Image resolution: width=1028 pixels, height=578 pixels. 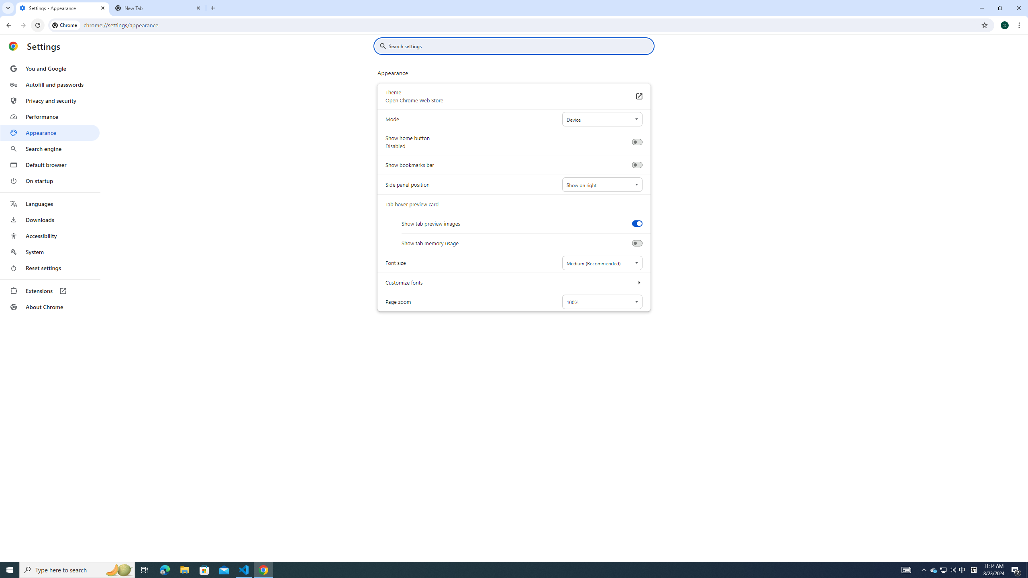 What do you see at coordinates (638, 96) in the screenshot?
I see `'Theme Open Chrome Web Store'` at bounding box center [638, 96].